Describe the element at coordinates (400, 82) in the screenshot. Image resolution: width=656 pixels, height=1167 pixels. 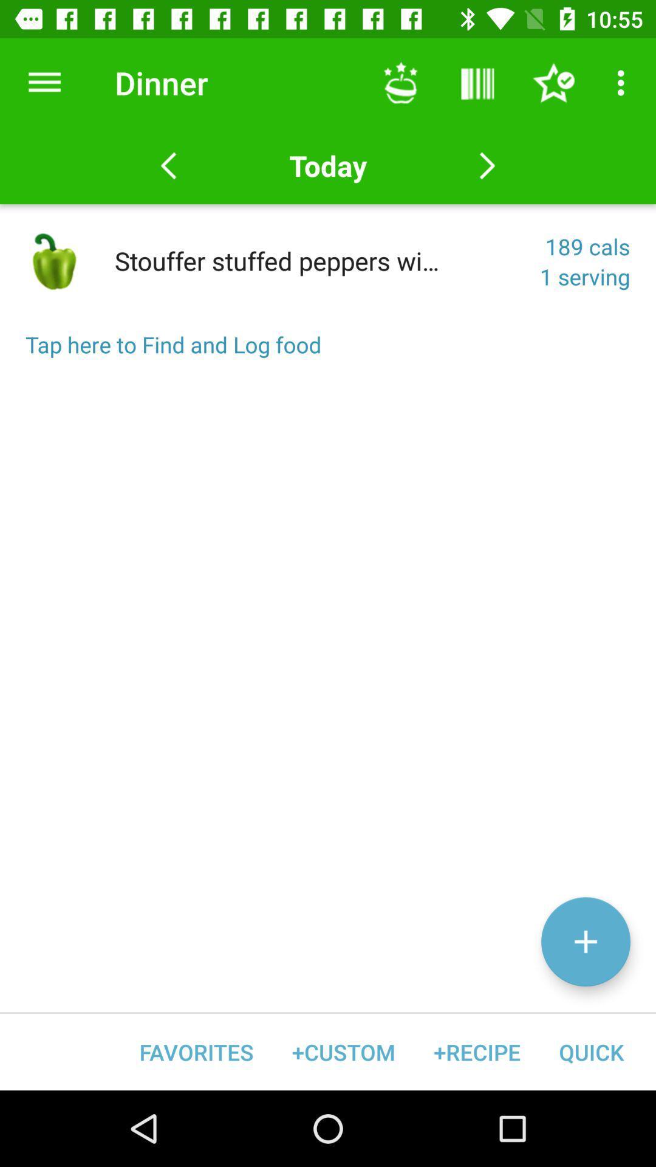
I see `the icon to the right of the dinner item` at that location.